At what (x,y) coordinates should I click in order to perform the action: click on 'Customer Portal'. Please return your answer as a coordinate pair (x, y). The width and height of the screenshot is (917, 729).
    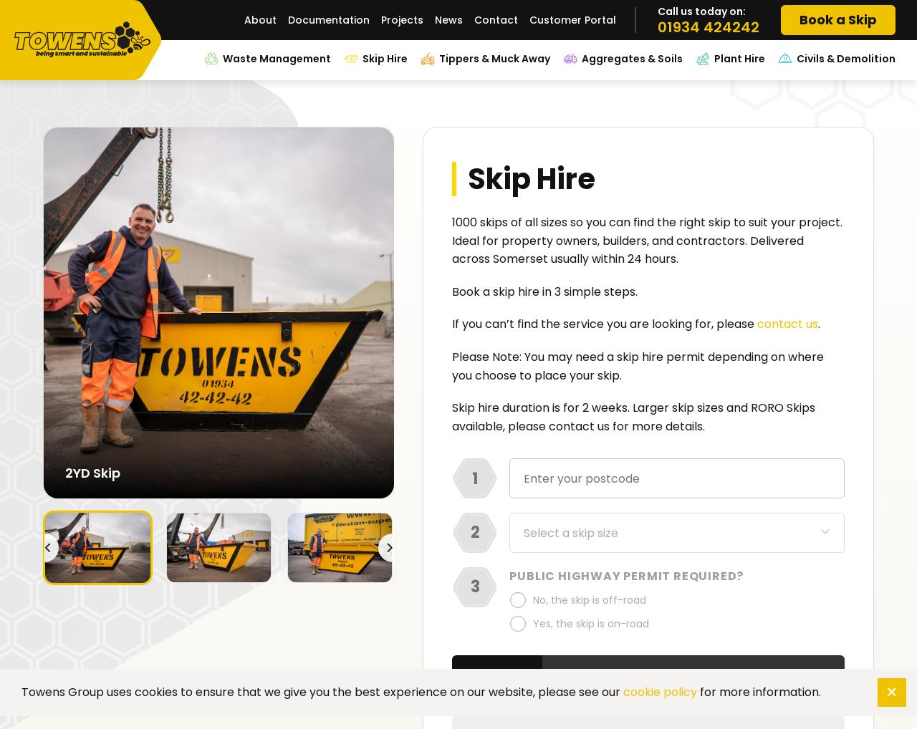
    Looking at the image, I should click on (572, 19).